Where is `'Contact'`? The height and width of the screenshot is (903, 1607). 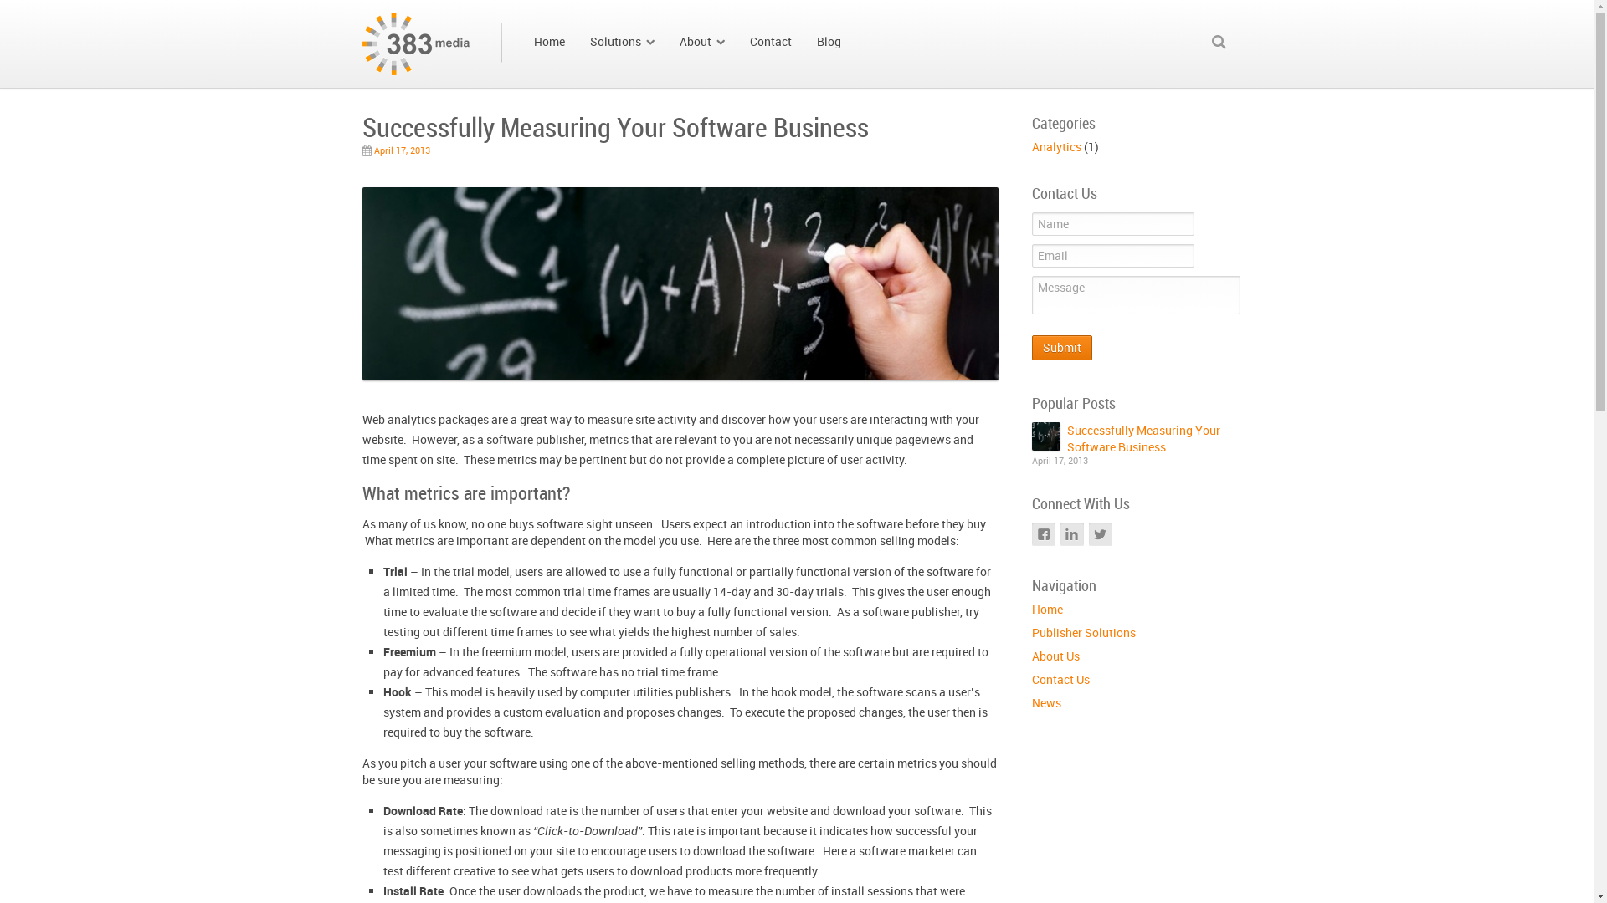 'Contact' is located at coordinates (769, 41).